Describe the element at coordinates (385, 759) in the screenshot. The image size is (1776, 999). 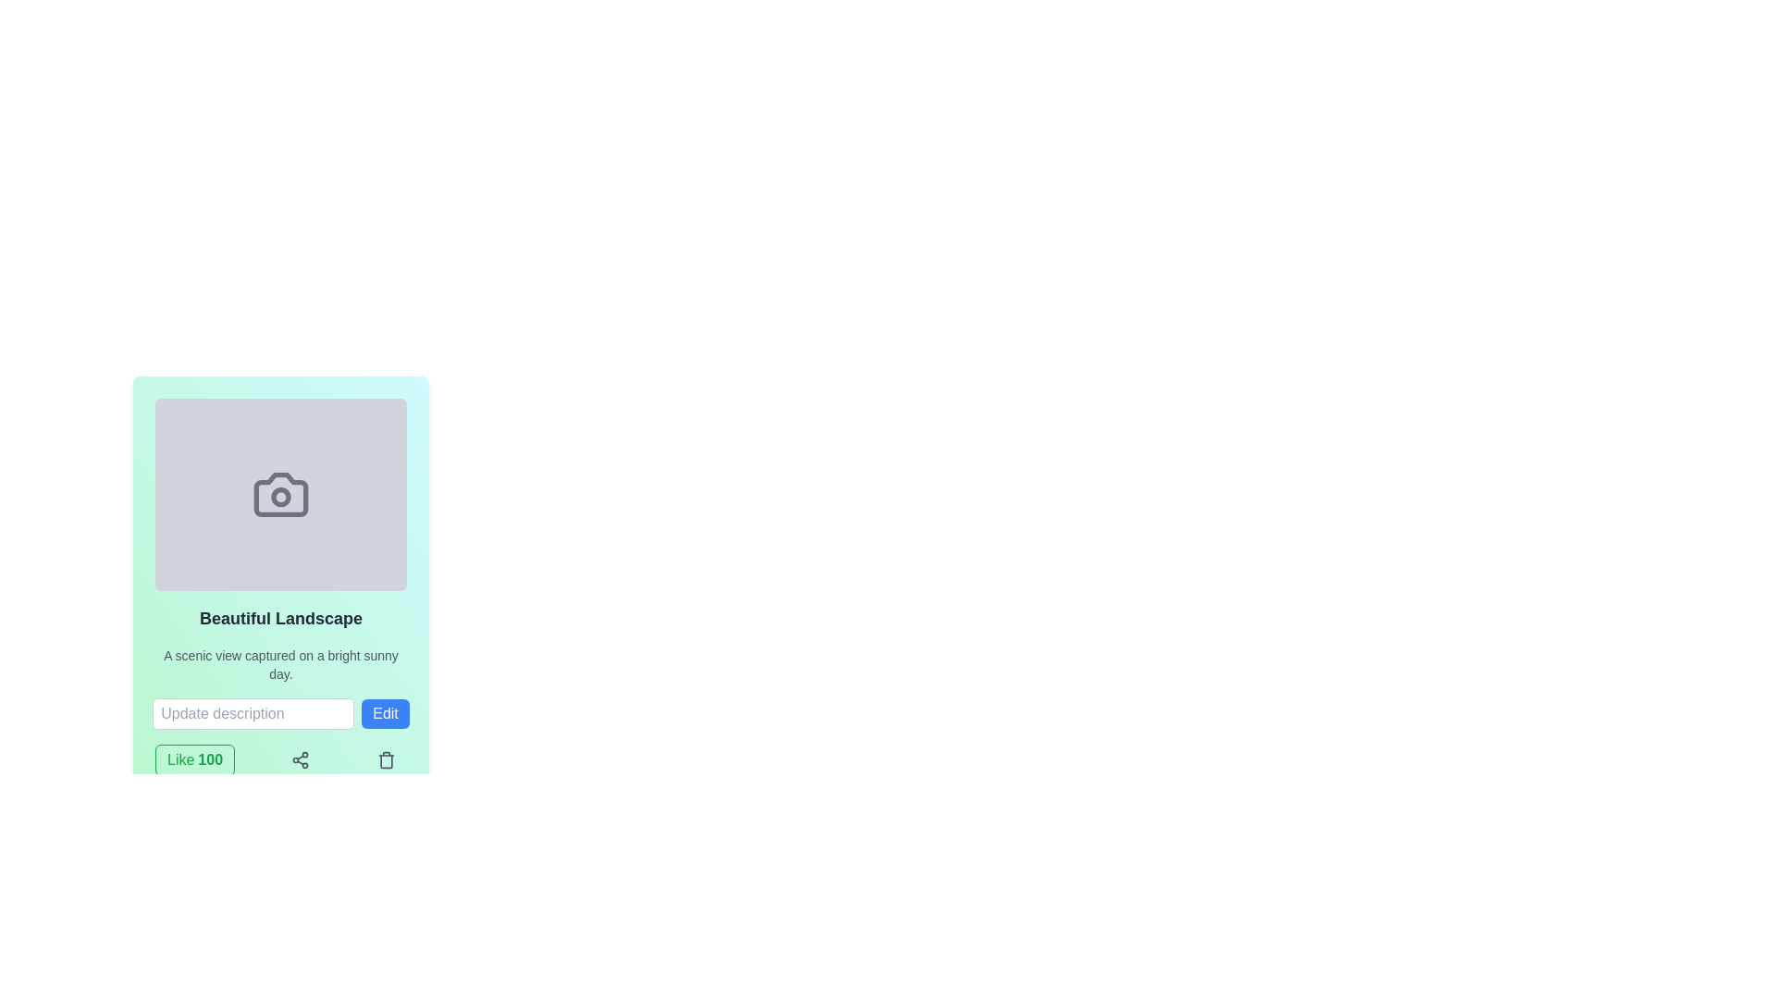
I see `the trash bin icon located in the bottom-right corner of the card` at that location.